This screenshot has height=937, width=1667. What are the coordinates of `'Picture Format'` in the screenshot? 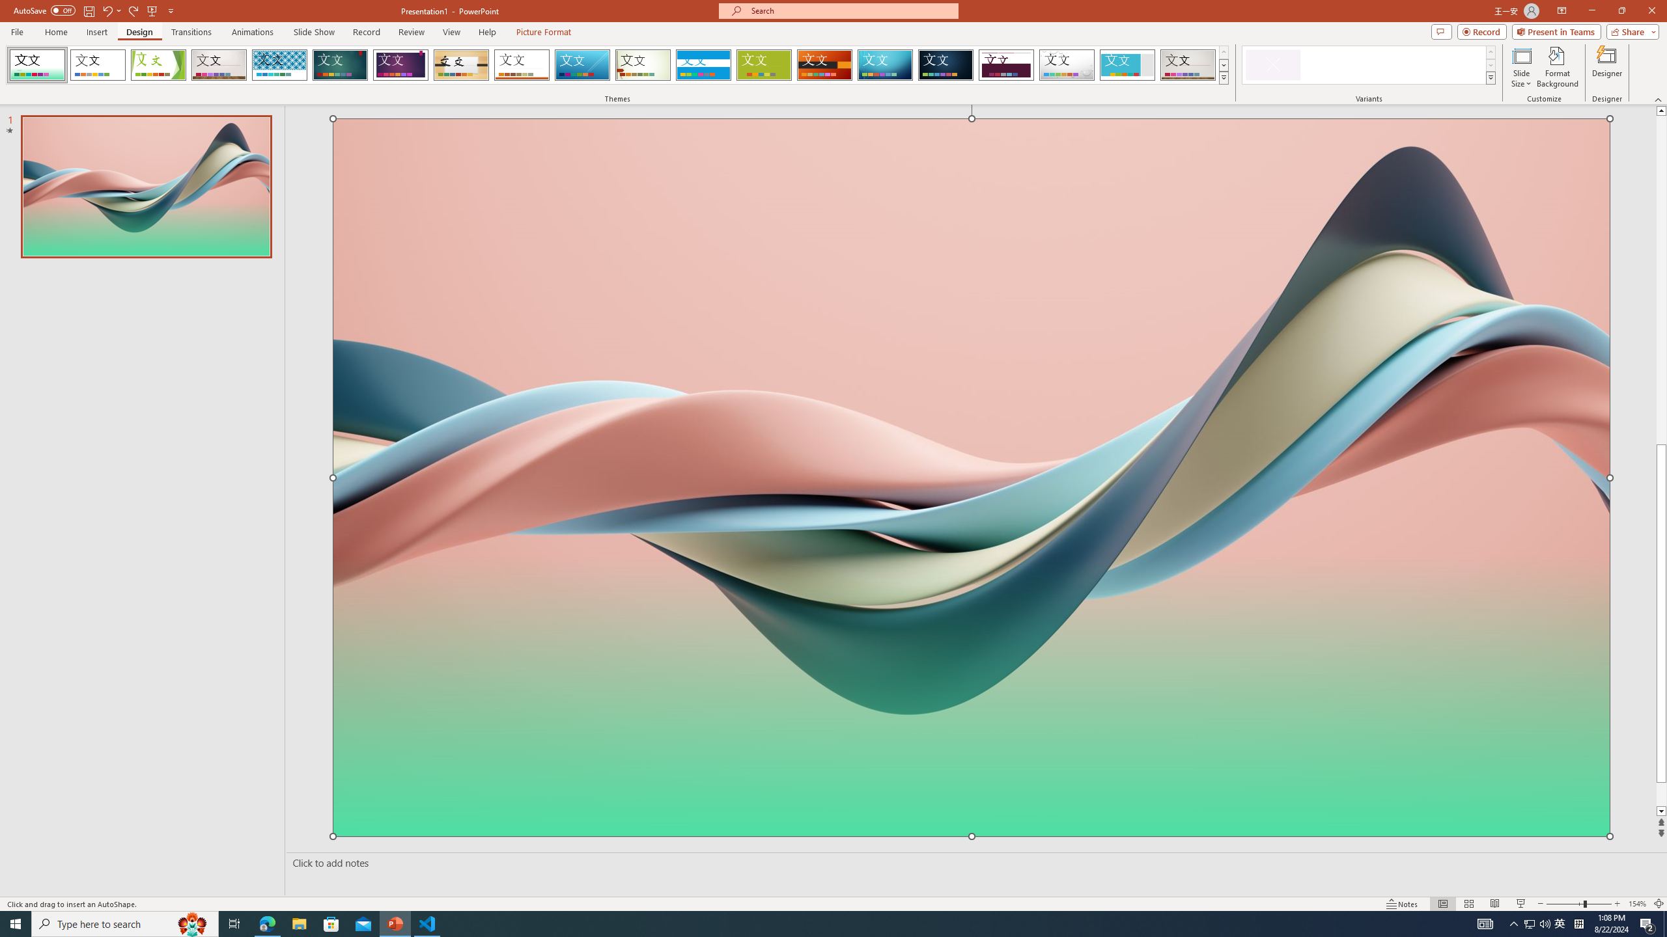 It's located at (544, 32).